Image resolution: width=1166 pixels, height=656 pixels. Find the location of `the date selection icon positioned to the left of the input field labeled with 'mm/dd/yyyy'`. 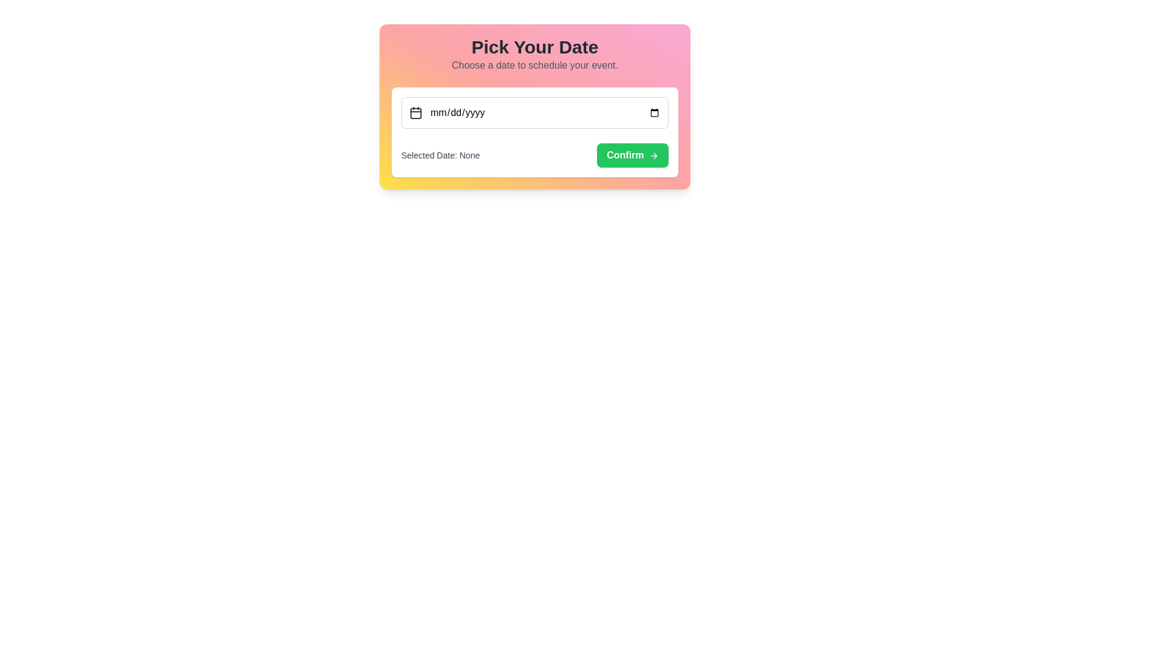

the date selection icon positioned to the left of the input field labeled with 'mm/dd/yyyy' is located at coordinates (416, 112).